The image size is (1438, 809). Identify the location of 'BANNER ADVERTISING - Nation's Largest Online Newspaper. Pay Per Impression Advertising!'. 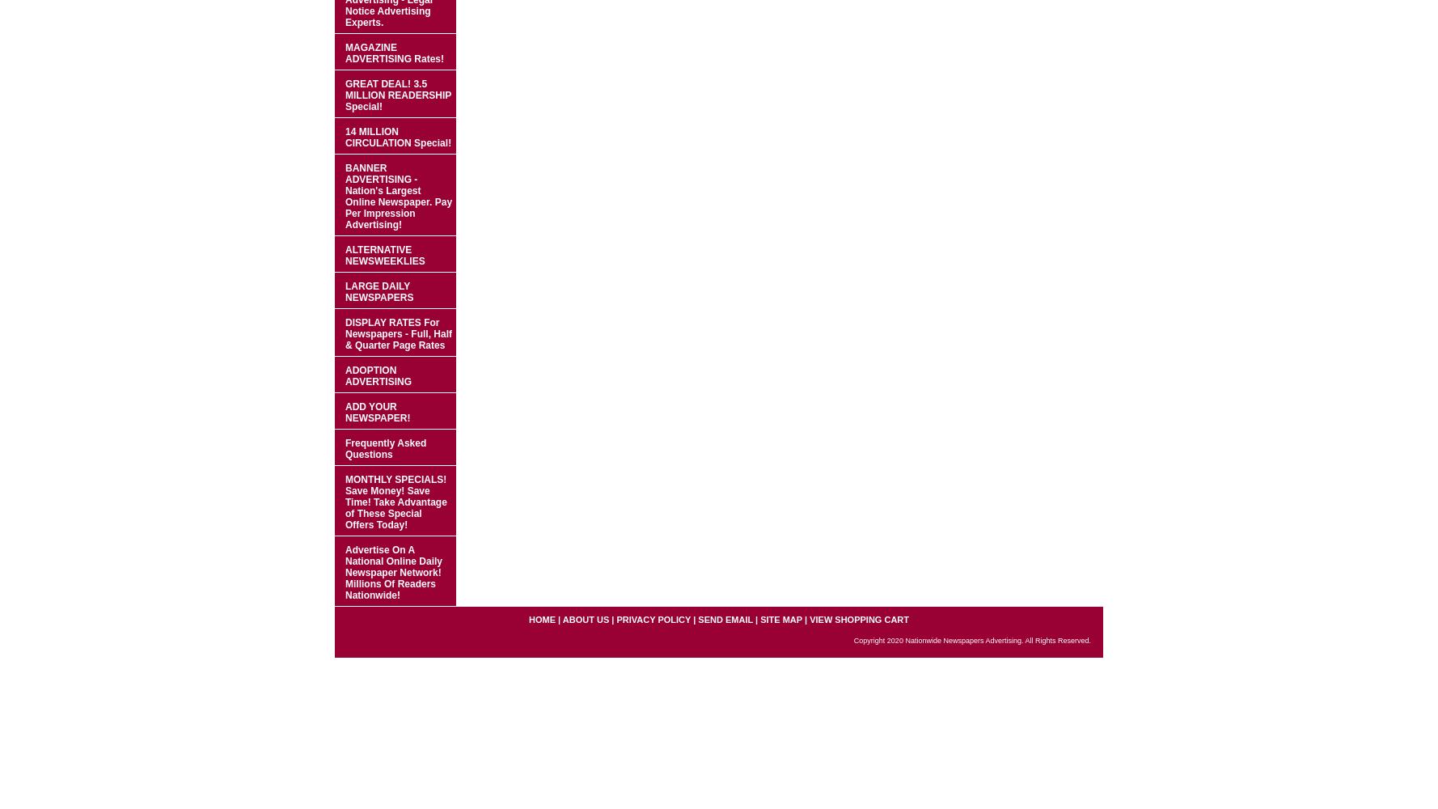
(398, 196).